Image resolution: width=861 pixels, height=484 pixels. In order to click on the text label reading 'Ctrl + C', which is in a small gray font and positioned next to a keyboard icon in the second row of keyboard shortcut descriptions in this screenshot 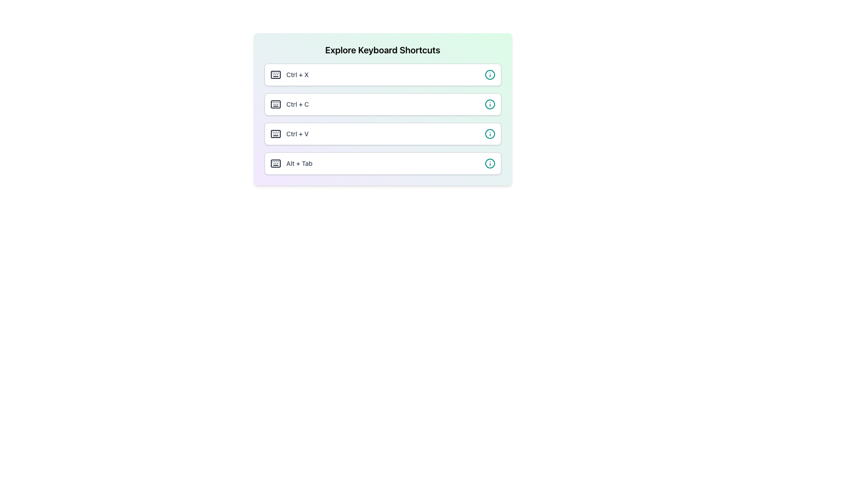, I will do `click(297, 104)`.